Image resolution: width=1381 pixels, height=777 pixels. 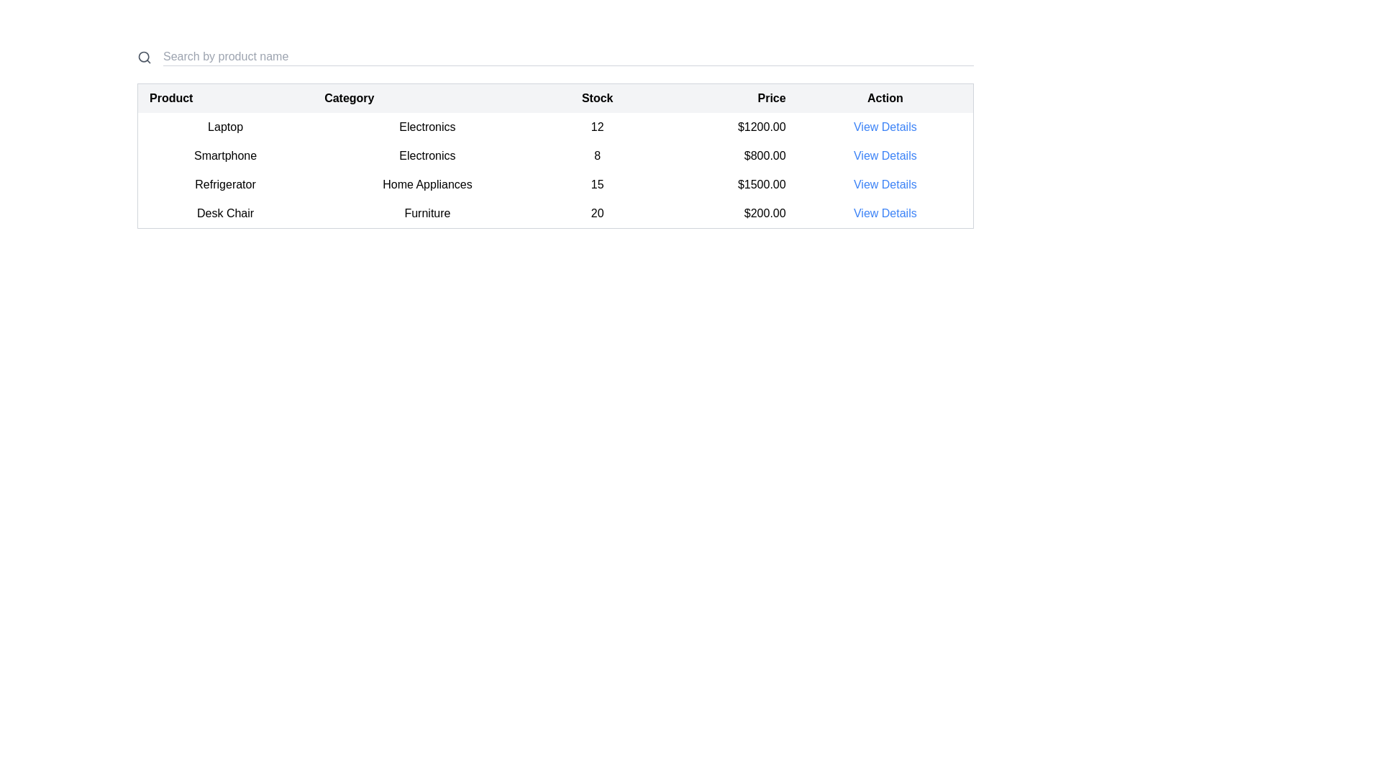 I want to click on the hyperlink in the 'Action' column of the first row corresponding to the product 'Laptop', so click(x=885, y=127).